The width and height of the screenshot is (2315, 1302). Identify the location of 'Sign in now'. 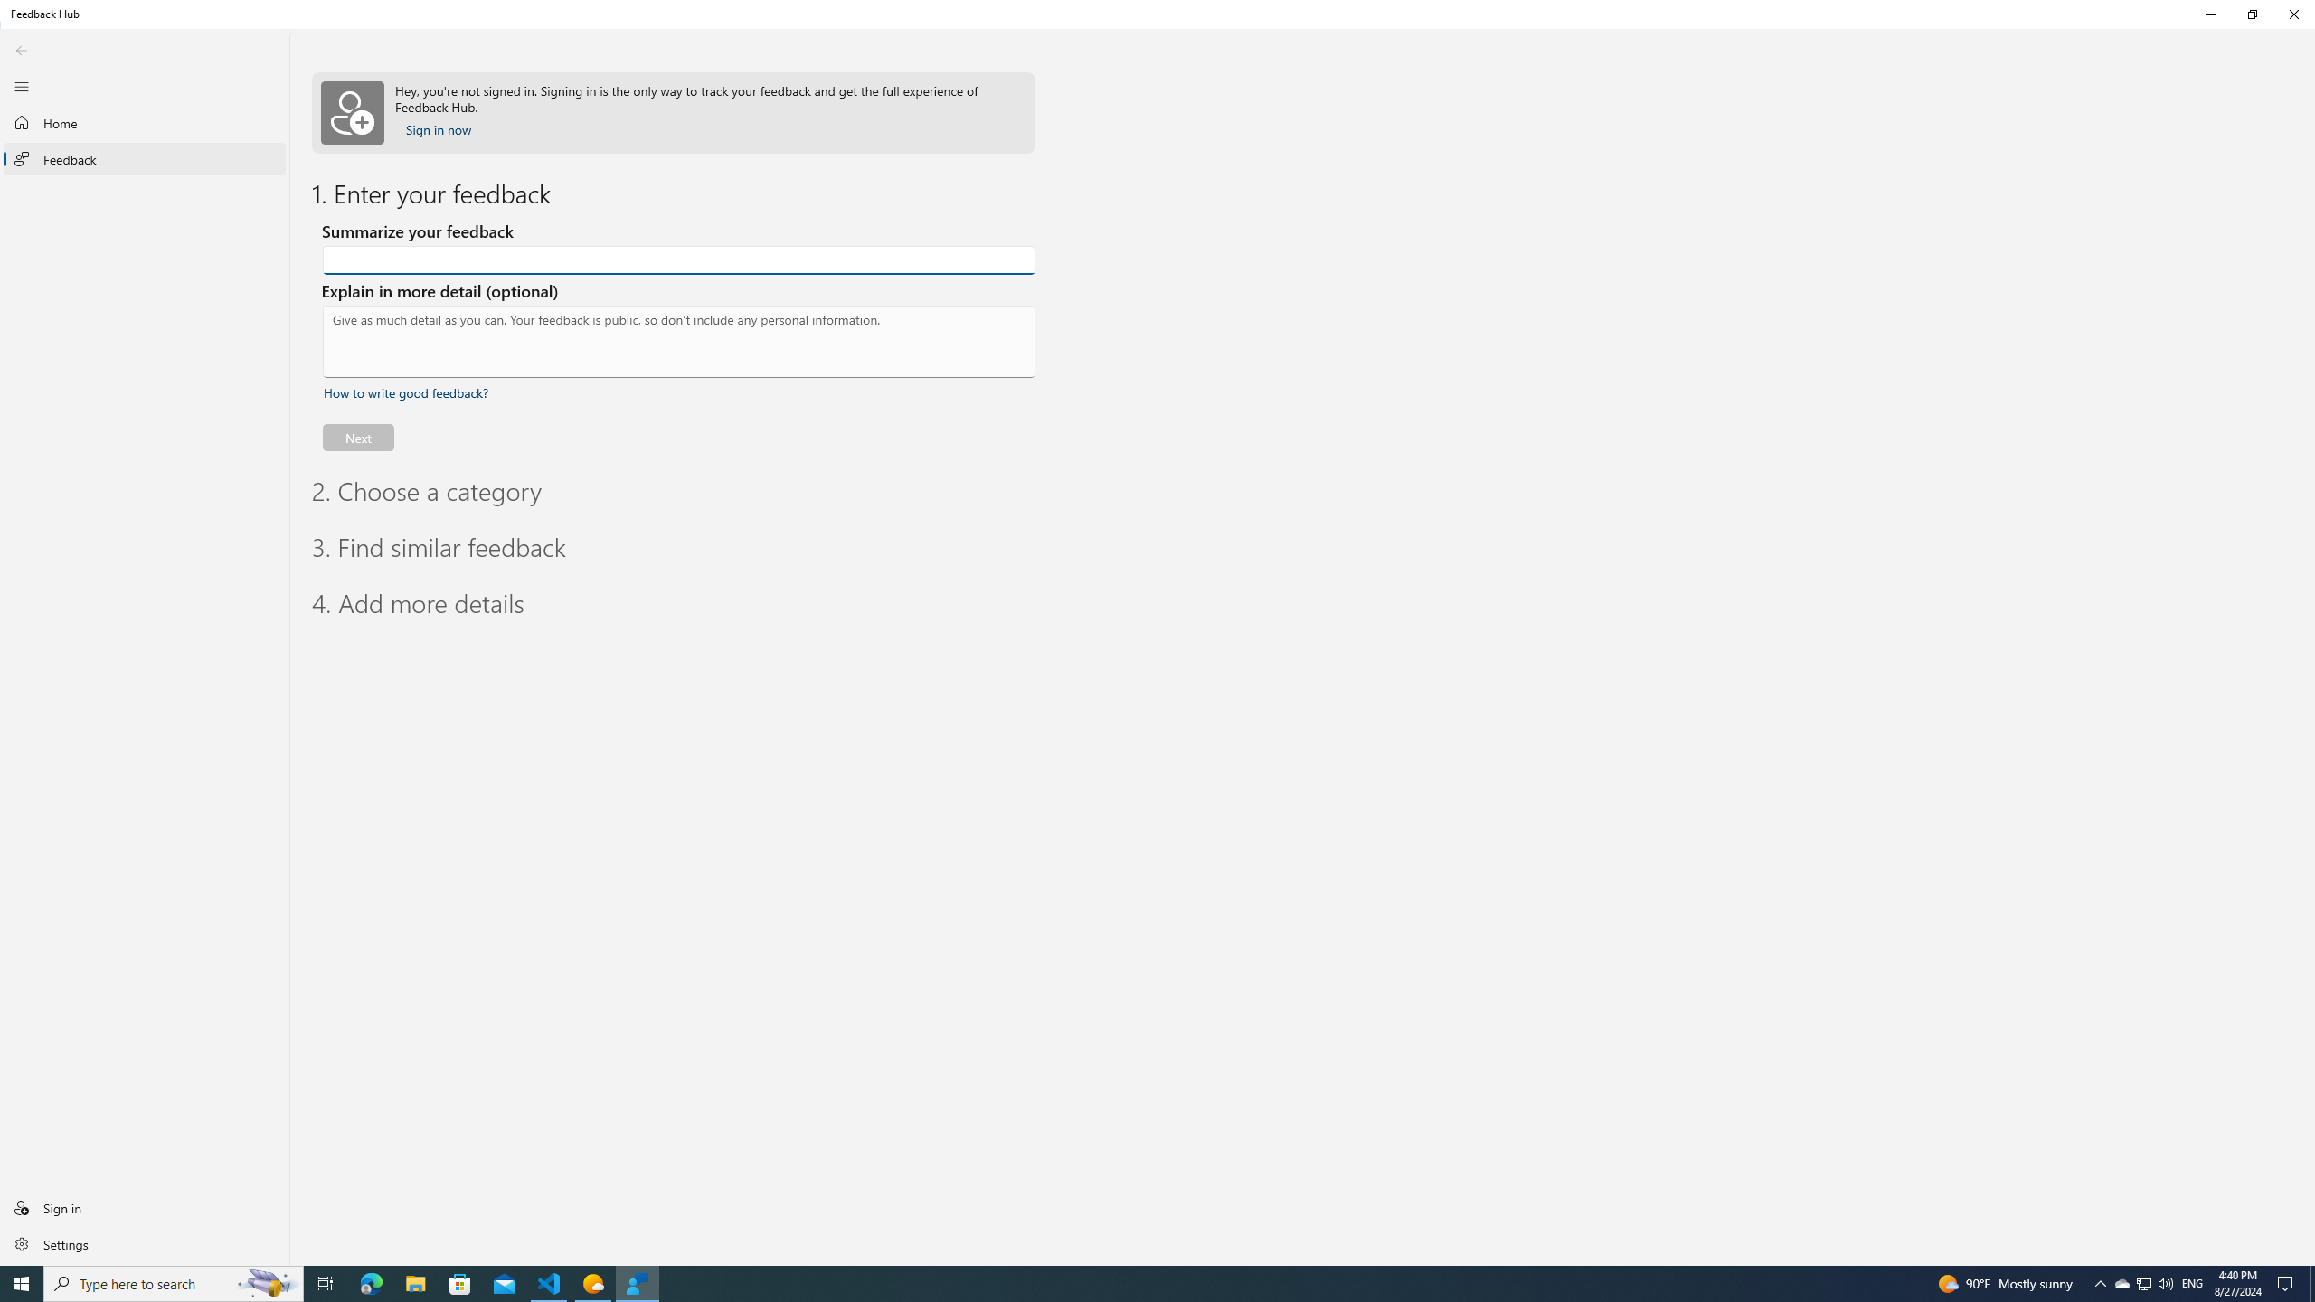
(439, 129).